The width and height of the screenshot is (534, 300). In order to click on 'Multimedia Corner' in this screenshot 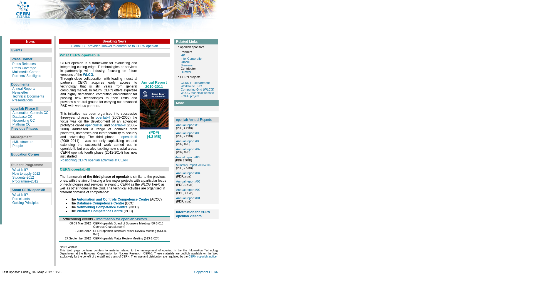, I will do `click(25, 71)`.